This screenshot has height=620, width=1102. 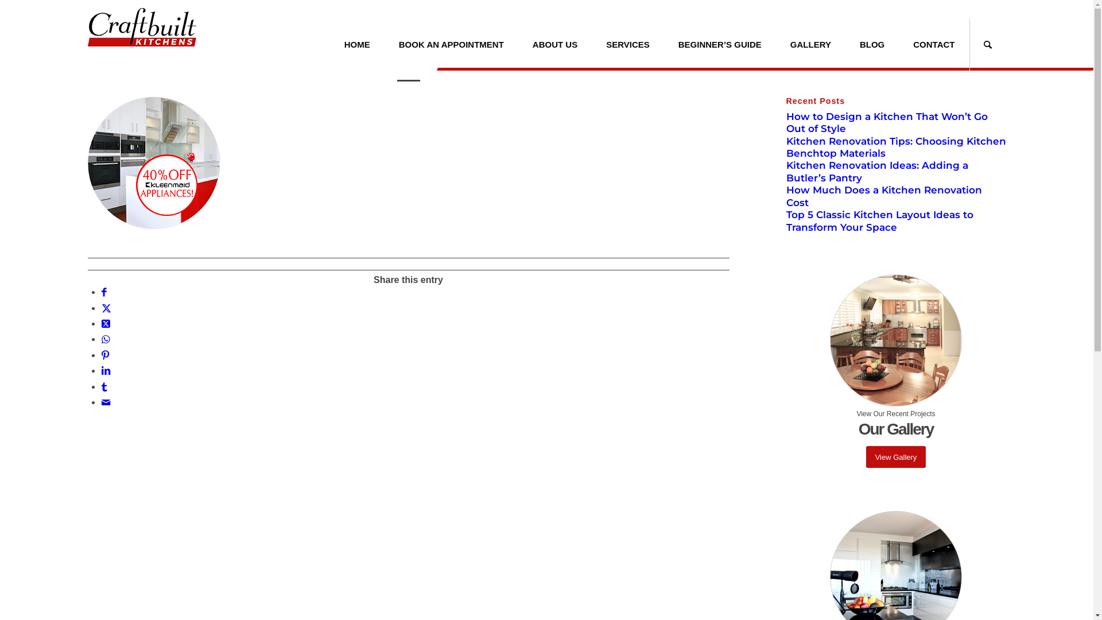 What do you see at coordinates (141, 26) in the screenshot?
I see `'logo'` at bounding box center [141, 26].